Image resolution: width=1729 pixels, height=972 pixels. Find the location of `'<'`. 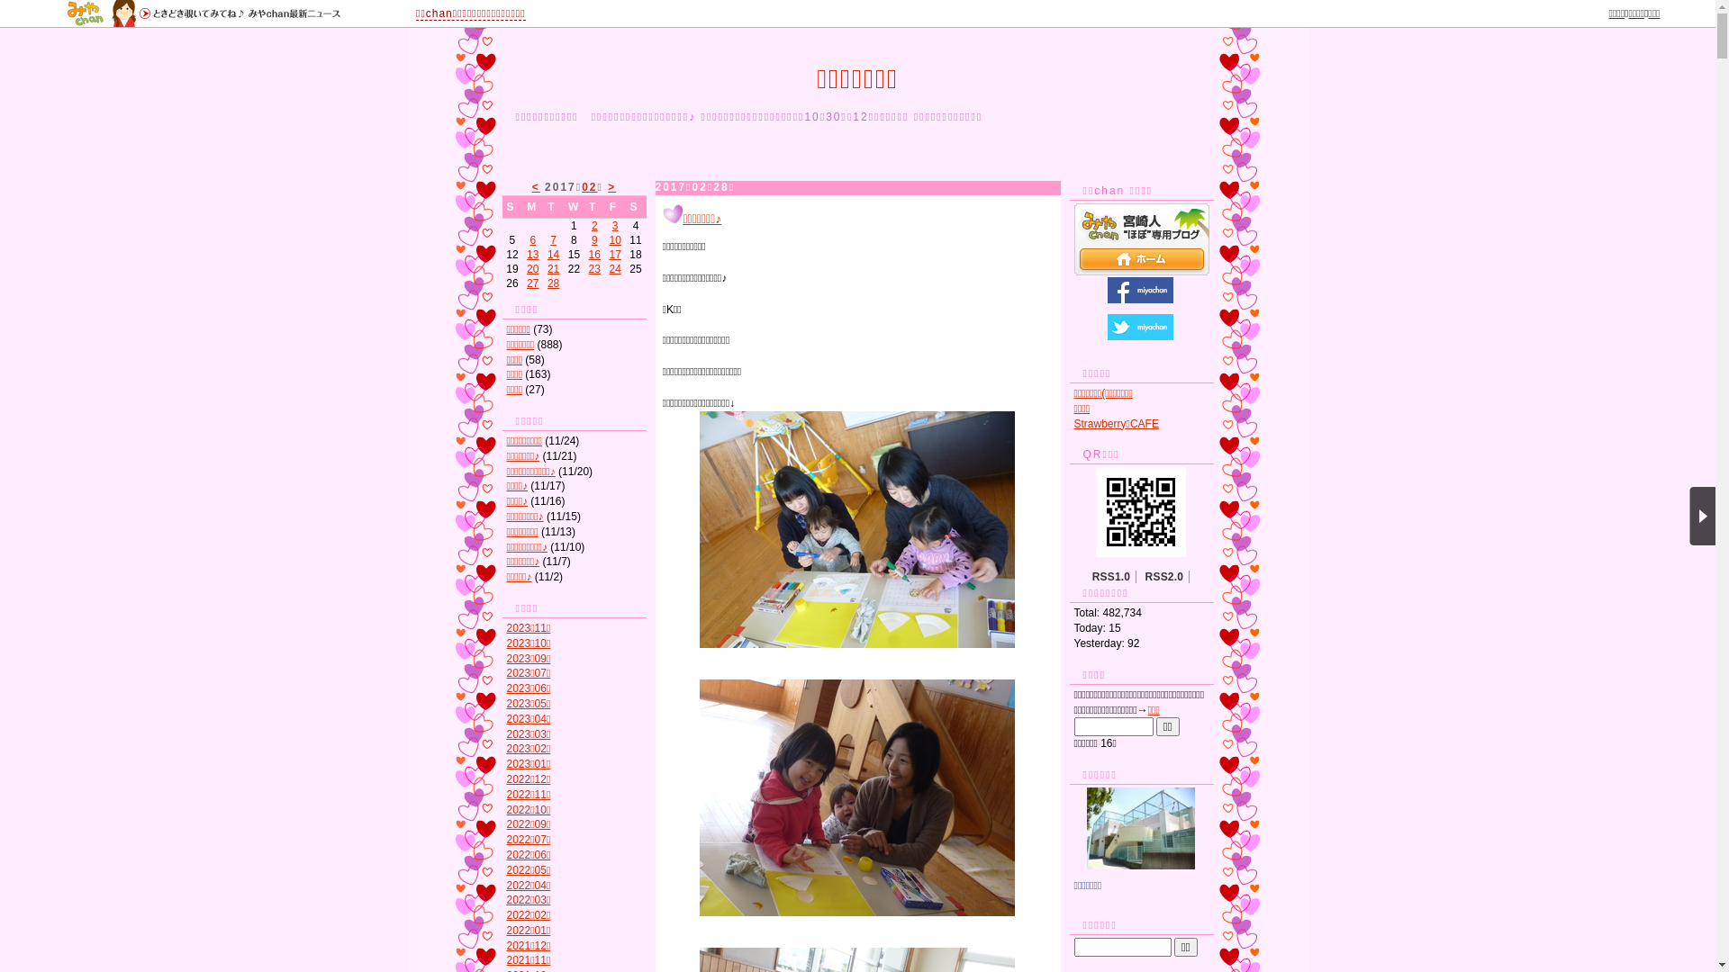

'<' is located at coordinates (535, 187).